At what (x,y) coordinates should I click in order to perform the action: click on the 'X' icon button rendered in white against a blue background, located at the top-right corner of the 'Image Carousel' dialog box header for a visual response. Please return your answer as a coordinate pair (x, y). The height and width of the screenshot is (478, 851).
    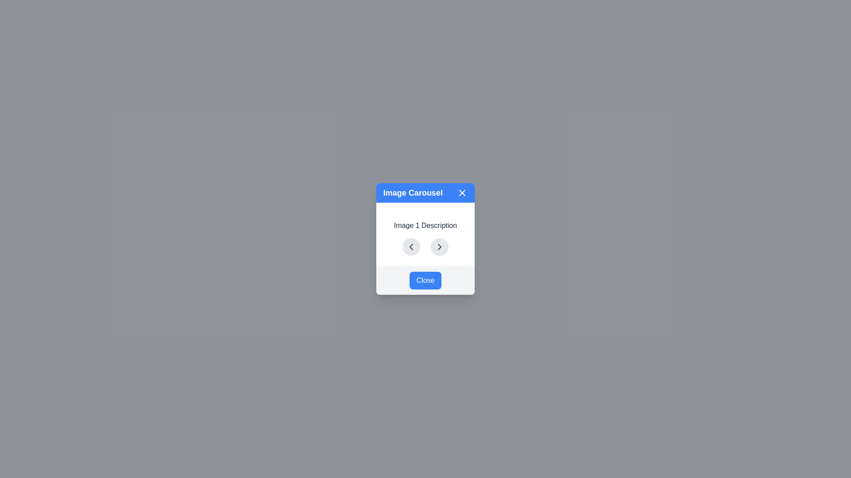
    Looking at the image, I should click on (462, 192).